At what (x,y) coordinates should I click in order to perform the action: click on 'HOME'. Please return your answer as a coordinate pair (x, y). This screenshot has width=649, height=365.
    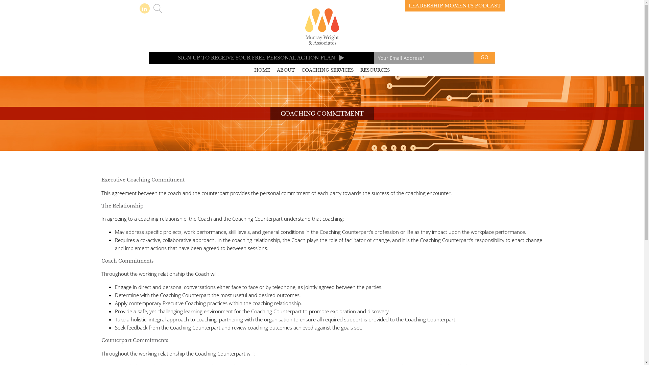
    Looking at the image, I should click on (262, 70).